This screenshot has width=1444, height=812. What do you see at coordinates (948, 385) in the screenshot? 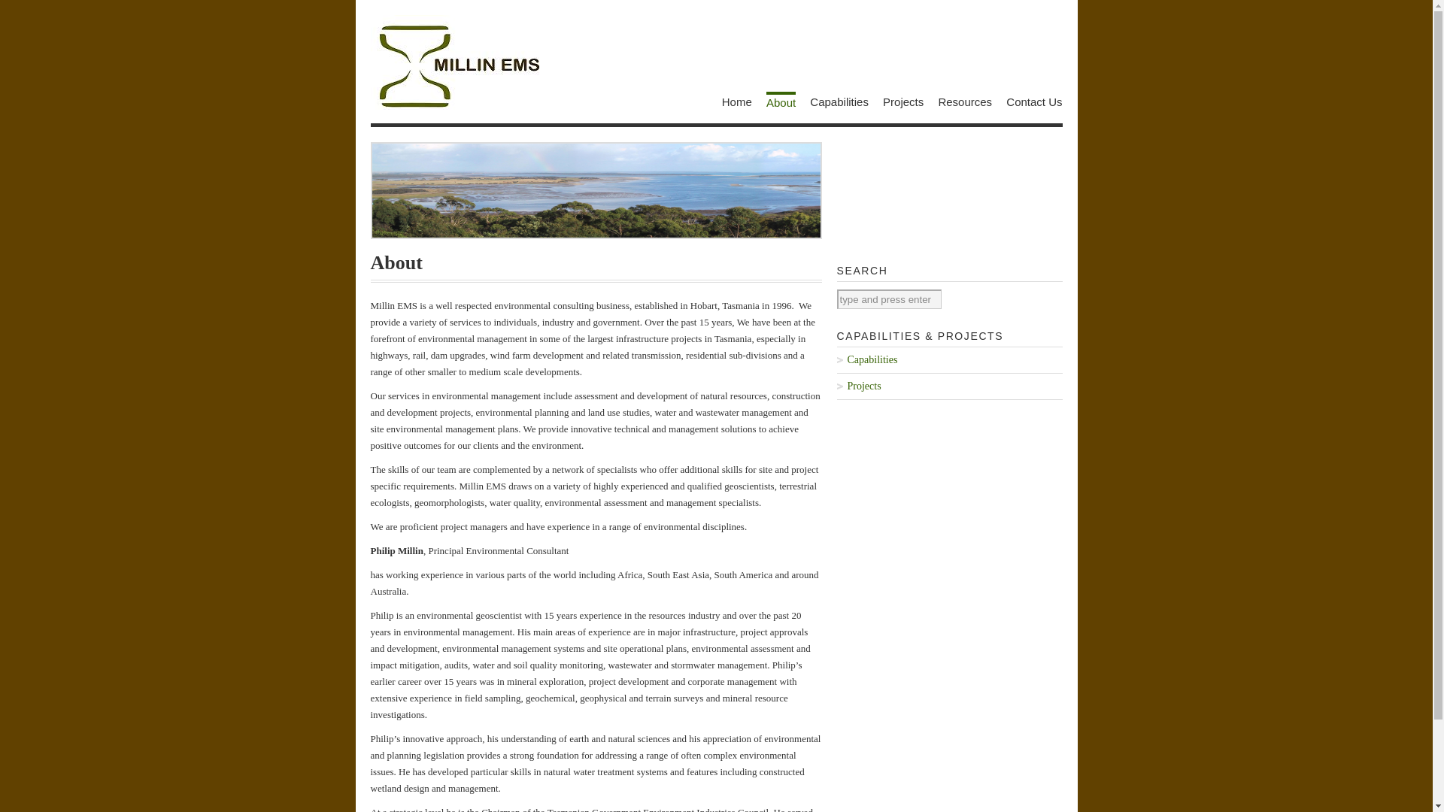
I see `'Projects'` at bounding box center [948, 385].